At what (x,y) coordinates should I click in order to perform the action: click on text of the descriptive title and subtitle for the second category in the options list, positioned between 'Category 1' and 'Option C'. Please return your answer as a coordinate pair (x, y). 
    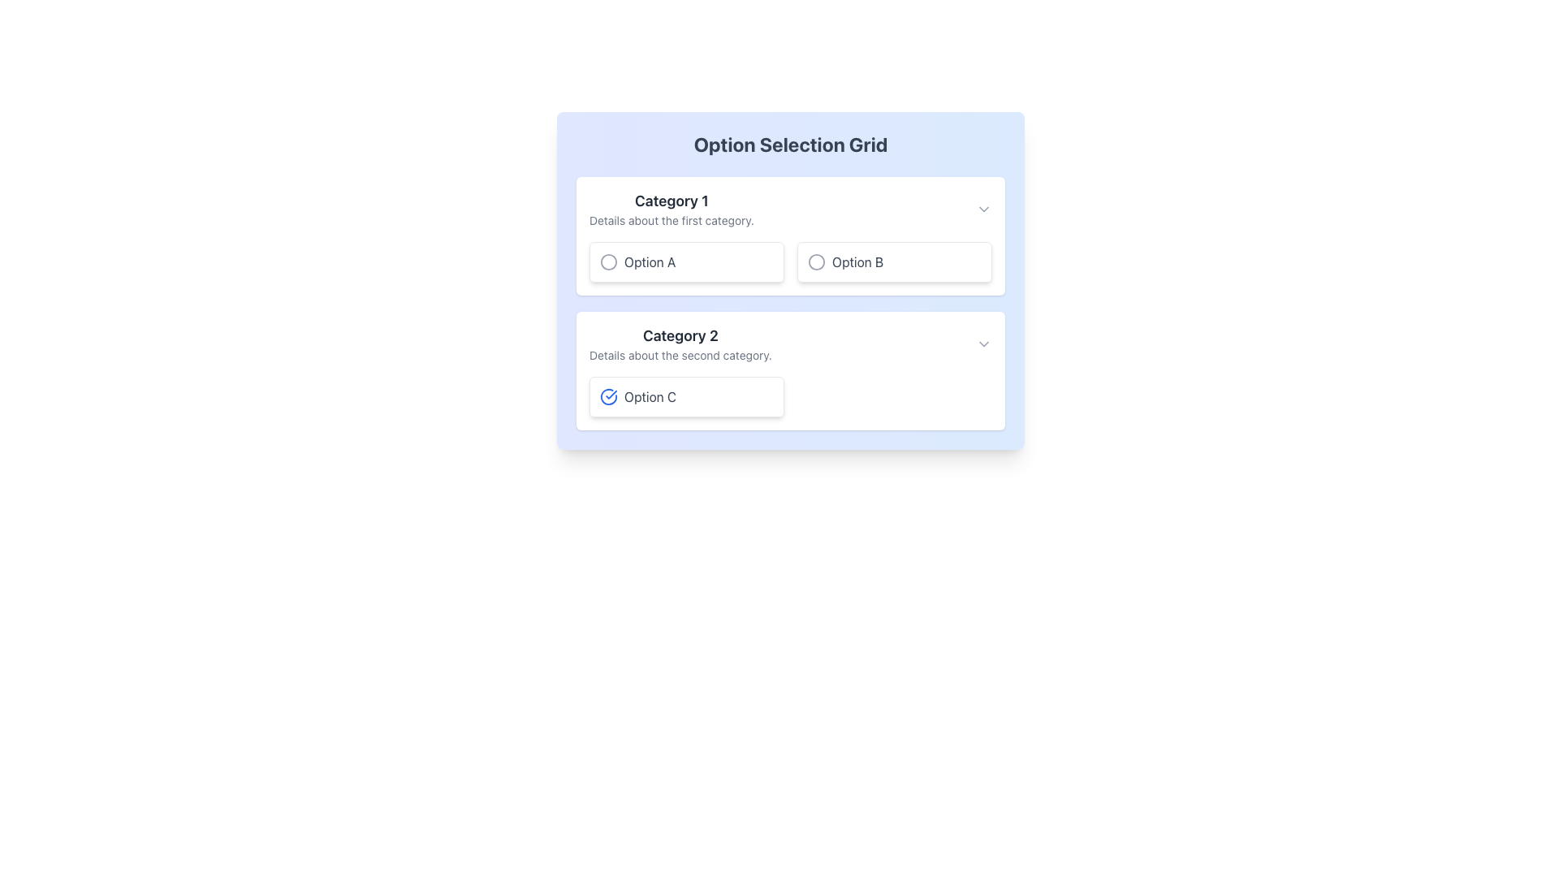
    Looking at the image, I should click on (680, 343).